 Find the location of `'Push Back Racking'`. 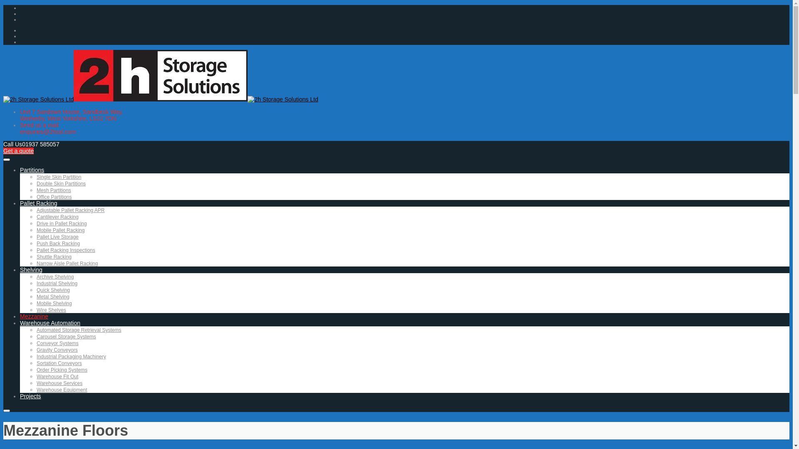

'Push Back Racking' is located at coordinates (57, 243).